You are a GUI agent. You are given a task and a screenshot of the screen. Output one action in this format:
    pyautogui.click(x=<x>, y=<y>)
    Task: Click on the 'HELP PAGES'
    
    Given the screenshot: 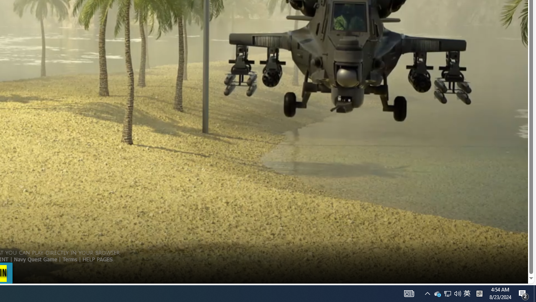 What is the action you would take?
    pyautogui.click(x=97, y=258)
    